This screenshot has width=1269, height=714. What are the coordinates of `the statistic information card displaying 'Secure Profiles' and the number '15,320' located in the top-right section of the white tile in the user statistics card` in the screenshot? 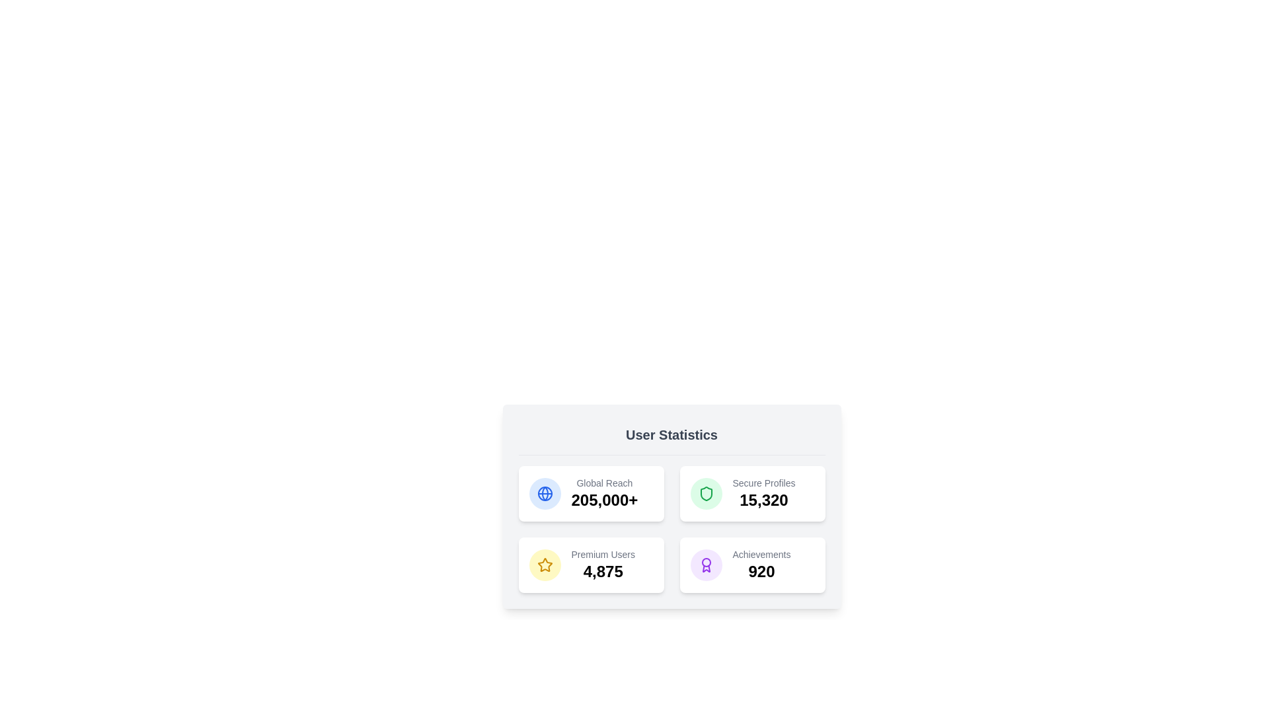 It's located at (764, 494).